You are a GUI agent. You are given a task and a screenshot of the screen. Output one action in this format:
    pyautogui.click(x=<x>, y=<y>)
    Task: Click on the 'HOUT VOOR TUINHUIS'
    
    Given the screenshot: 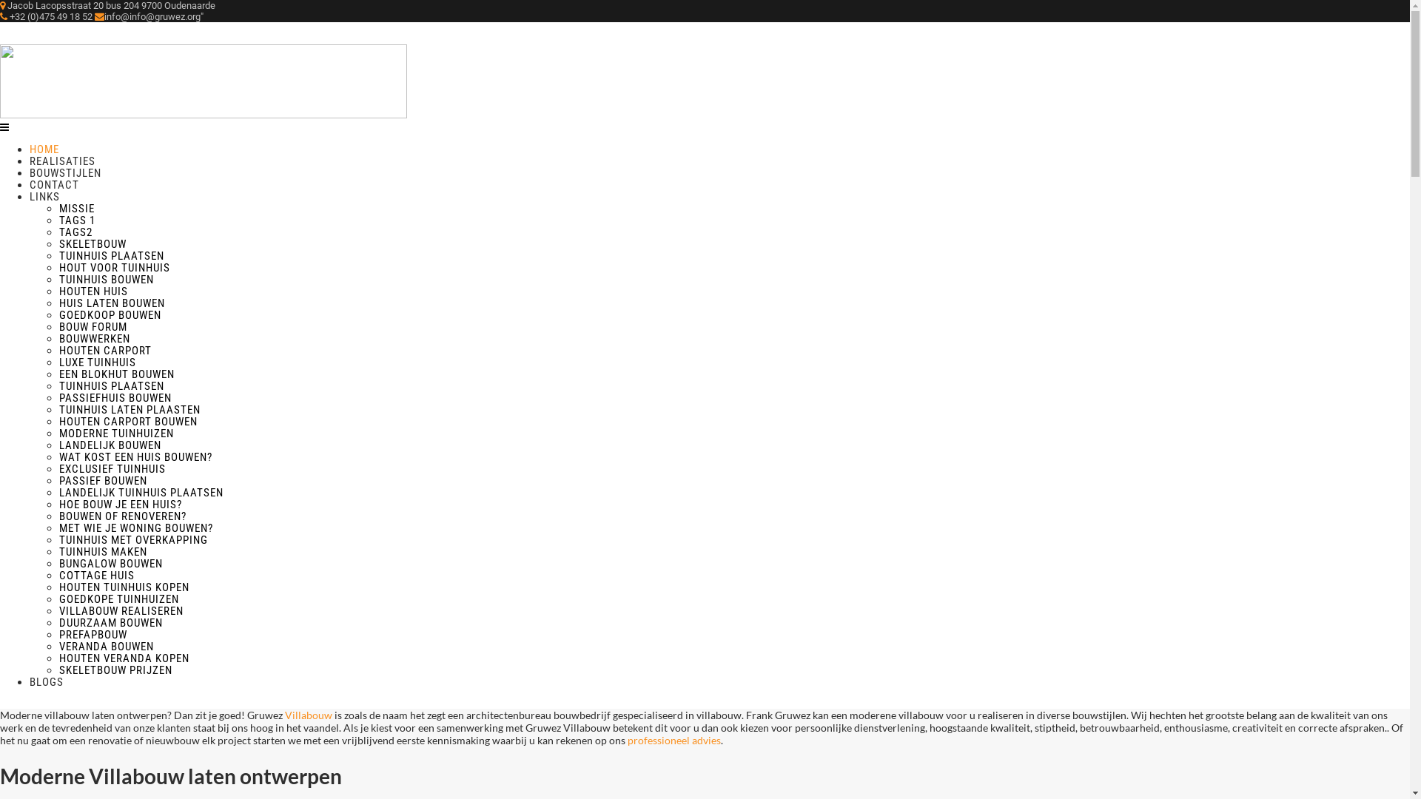 What is the action you would take?
    pyautogui.click(x=113, y=268)
    